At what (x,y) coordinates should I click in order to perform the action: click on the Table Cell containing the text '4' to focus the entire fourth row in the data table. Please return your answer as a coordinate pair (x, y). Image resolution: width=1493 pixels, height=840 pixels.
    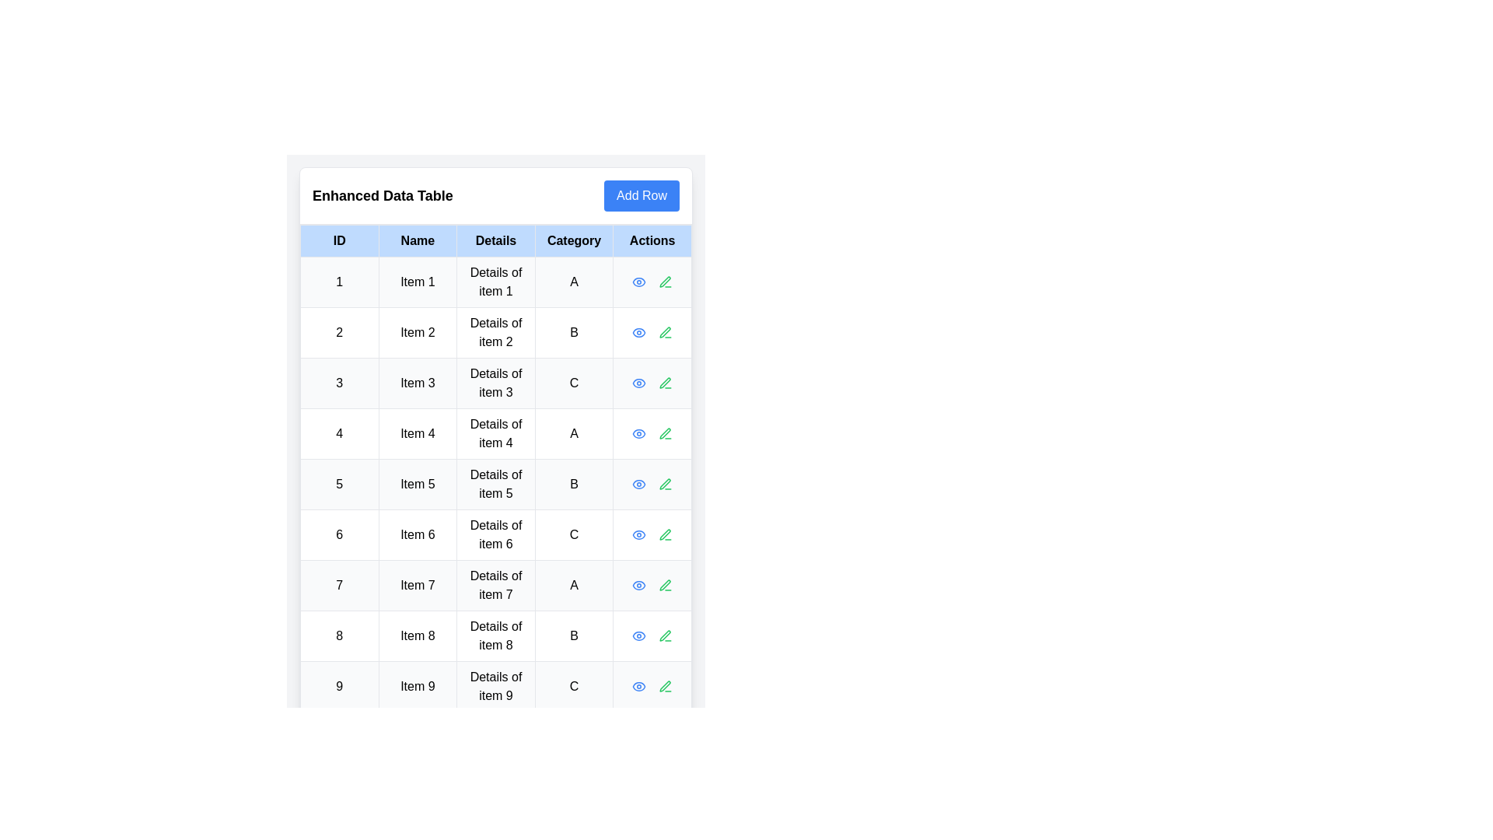
    Looking at the image, I should click on (338, 434).